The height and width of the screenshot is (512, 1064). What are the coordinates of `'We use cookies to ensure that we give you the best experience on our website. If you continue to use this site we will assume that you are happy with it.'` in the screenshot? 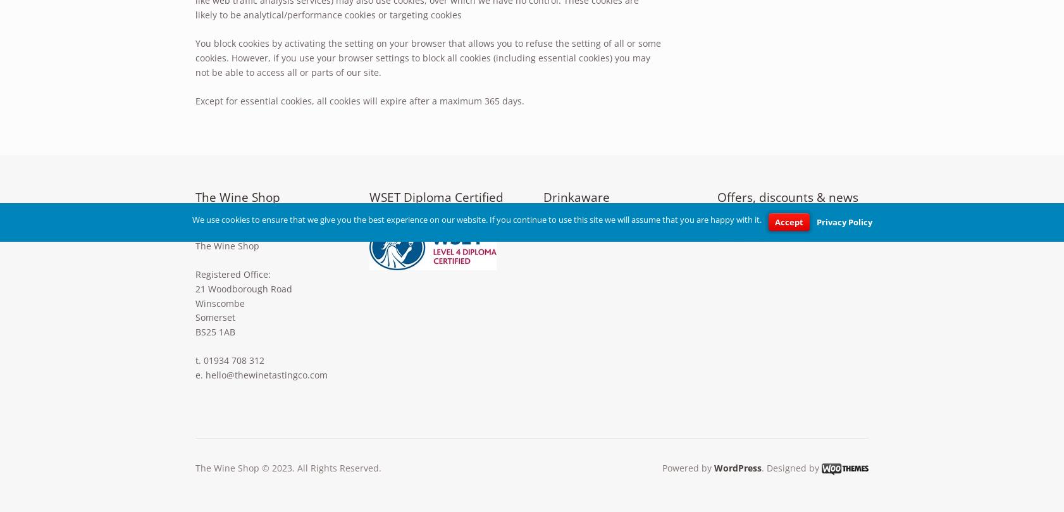 It's located at (190, 219).